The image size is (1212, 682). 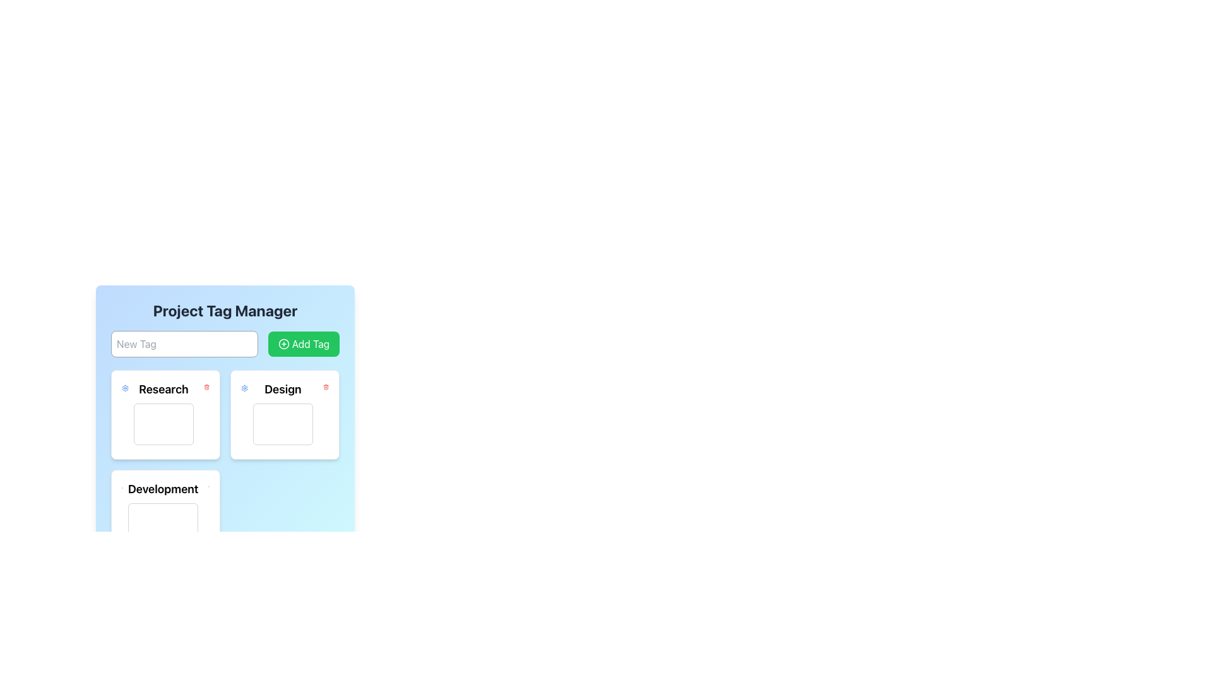 What do you see at coordinates (163, 389) in the screenshot?
I see `the 'Research' label which is a bold text label located in the top-left corner of the first card in the grid layout, positioned above a text input area` at bounding box center [163, 389].